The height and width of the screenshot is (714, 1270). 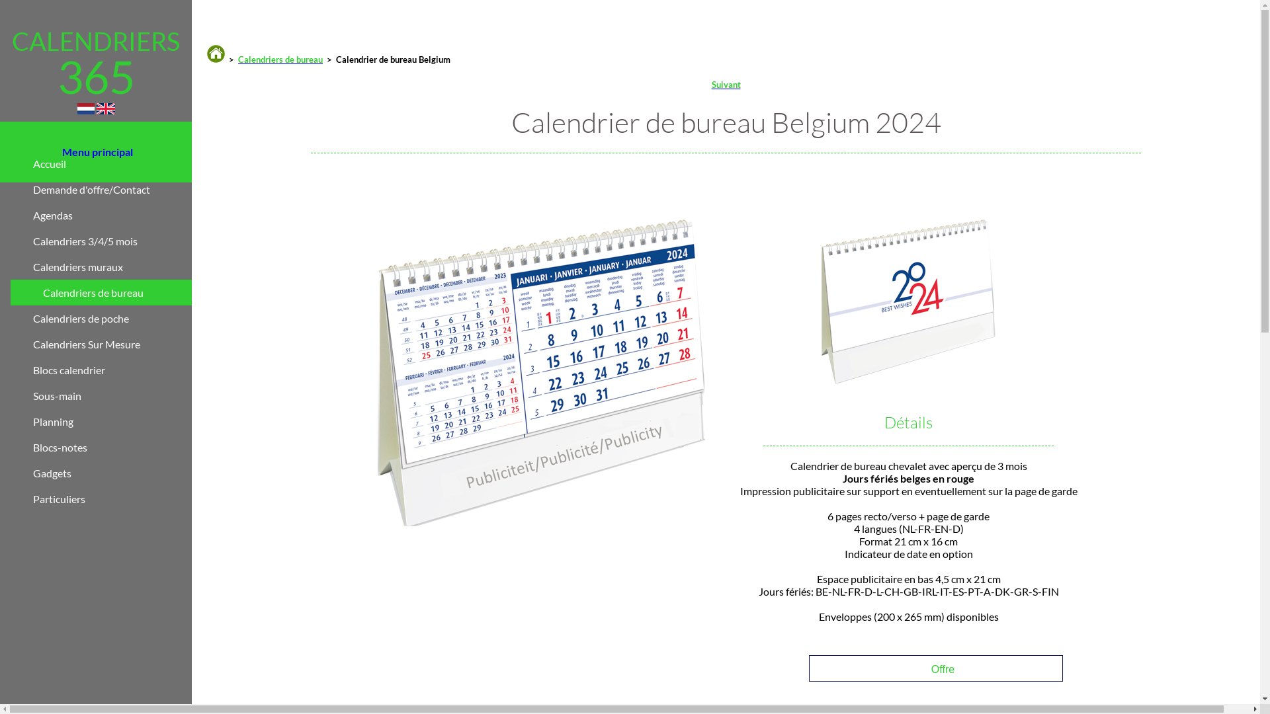 I want to click on 'Calendriers de bureau', so click(x=279, y=58).